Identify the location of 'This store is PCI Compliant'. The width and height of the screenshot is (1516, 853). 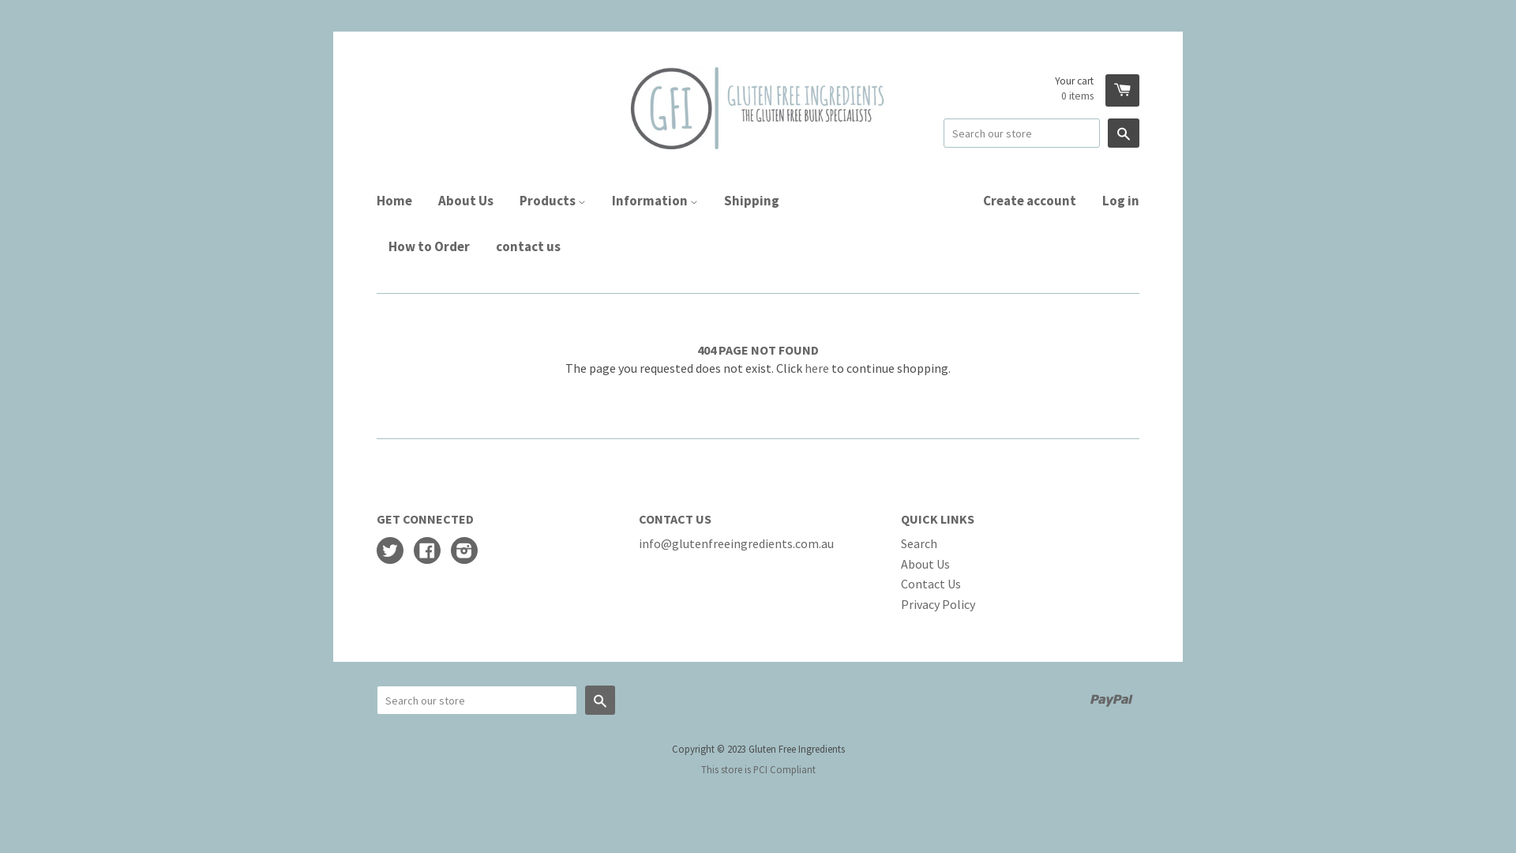
(758, 768).